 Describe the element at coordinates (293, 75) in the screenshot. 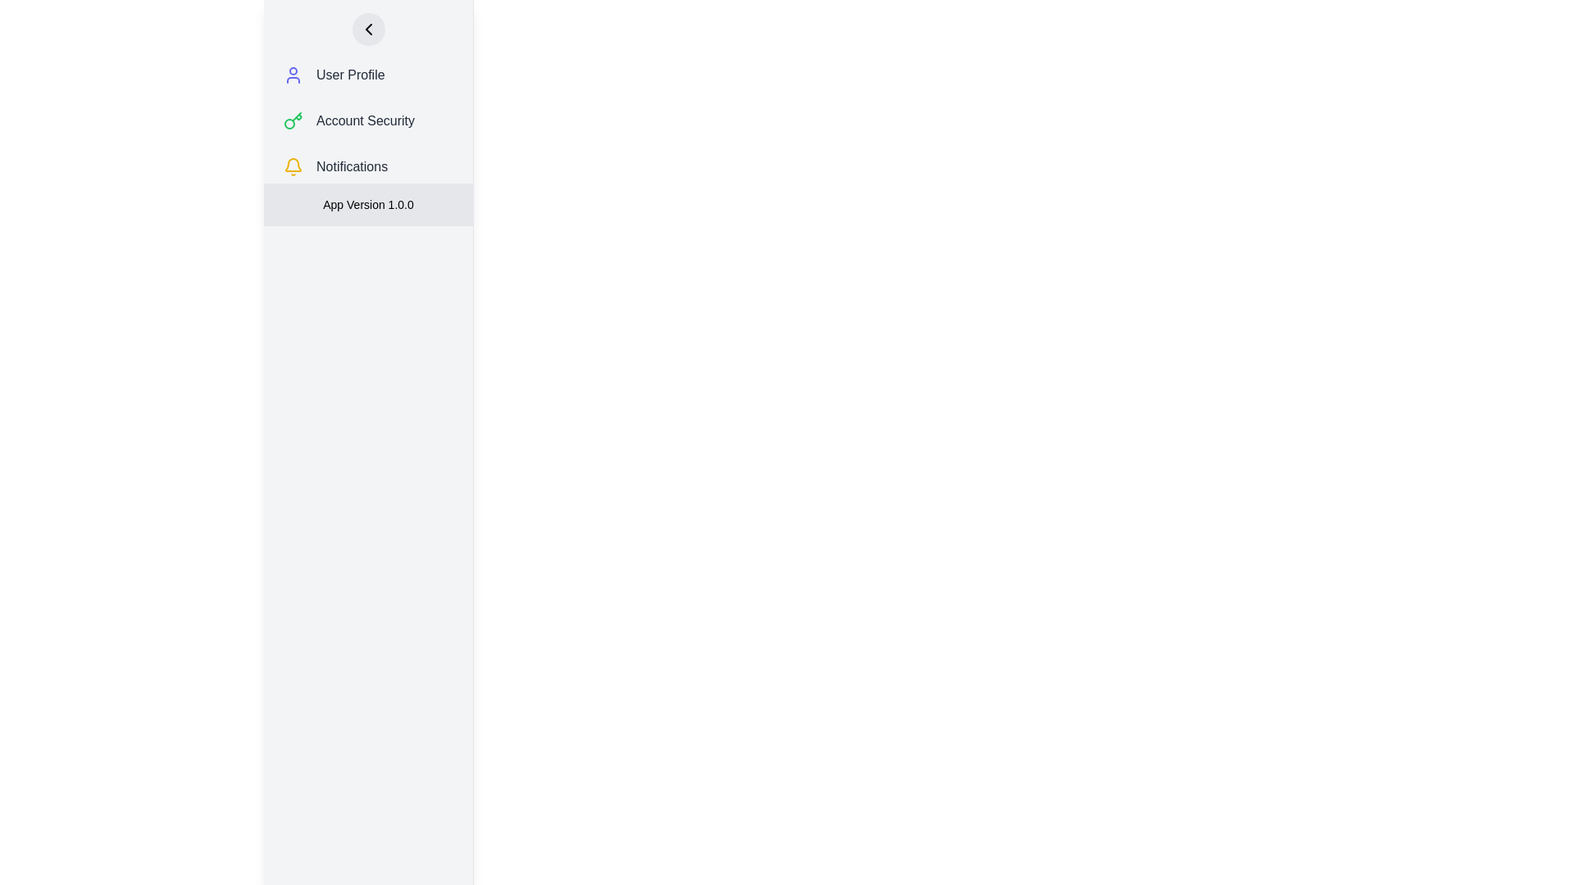

I see `the user icon, which is a simple outlined figure in blue color located next to the 'User Profile' label in the vertical navigation menu` at that location.